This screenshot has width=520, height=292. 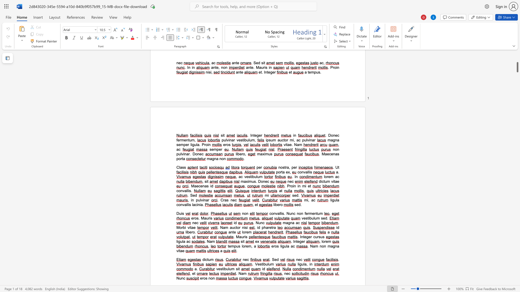 I want to click on the space between the continuous character "n" and "t" in the text, so click(x=188, y=140).